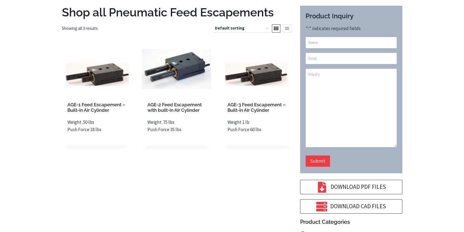 The width and height of the screenshot is (464, 232). Describe the element at coordinates (244, 129) in the screenshot. I see `'Push Force 60 lbs'` at that location.